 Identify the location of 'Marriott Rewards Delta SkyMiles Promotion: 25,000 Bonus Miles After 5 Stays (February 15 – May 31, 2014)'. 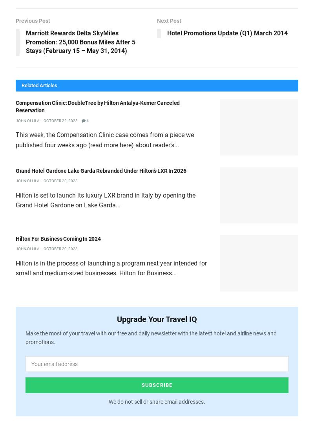
(80, 42).